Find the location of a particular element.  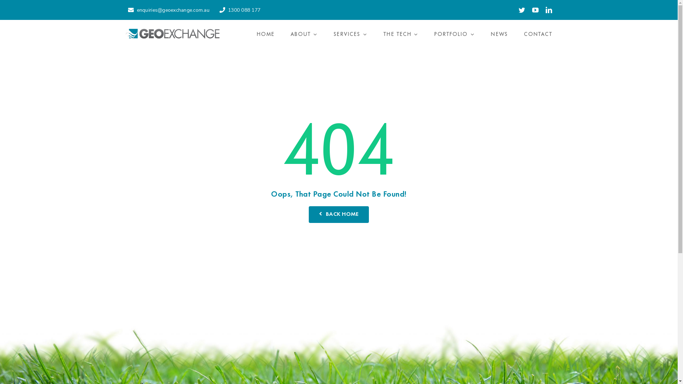

'PORTFOLIO' is located at coordinates (434, 34).